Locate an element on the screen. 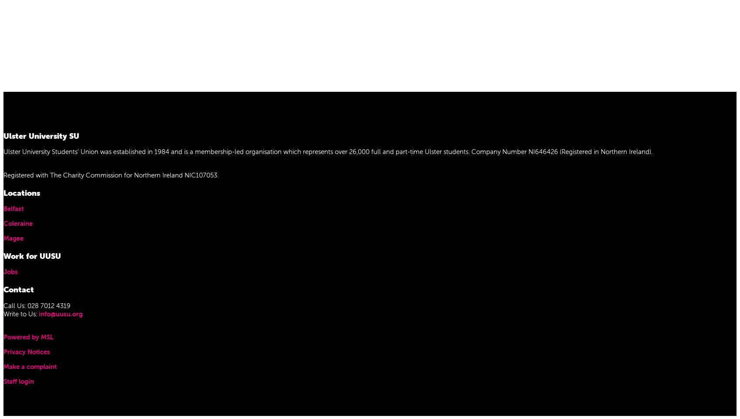 The width and height of the screenshot is (740, 419). 'Call Us: 028 7012 4319' is located at coordinates (37, 305).